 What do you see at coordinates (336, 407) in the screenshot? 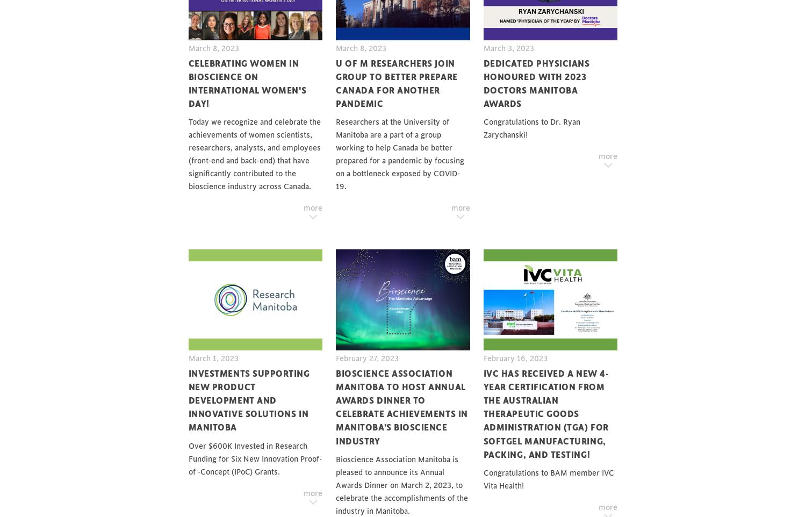
I see `'Bioscience Association Manitoba to Host Annual Awards Dinner to Celebrate Achievements in Manitoba’s Bioscience Industry'` at bounding box center [336, 407].